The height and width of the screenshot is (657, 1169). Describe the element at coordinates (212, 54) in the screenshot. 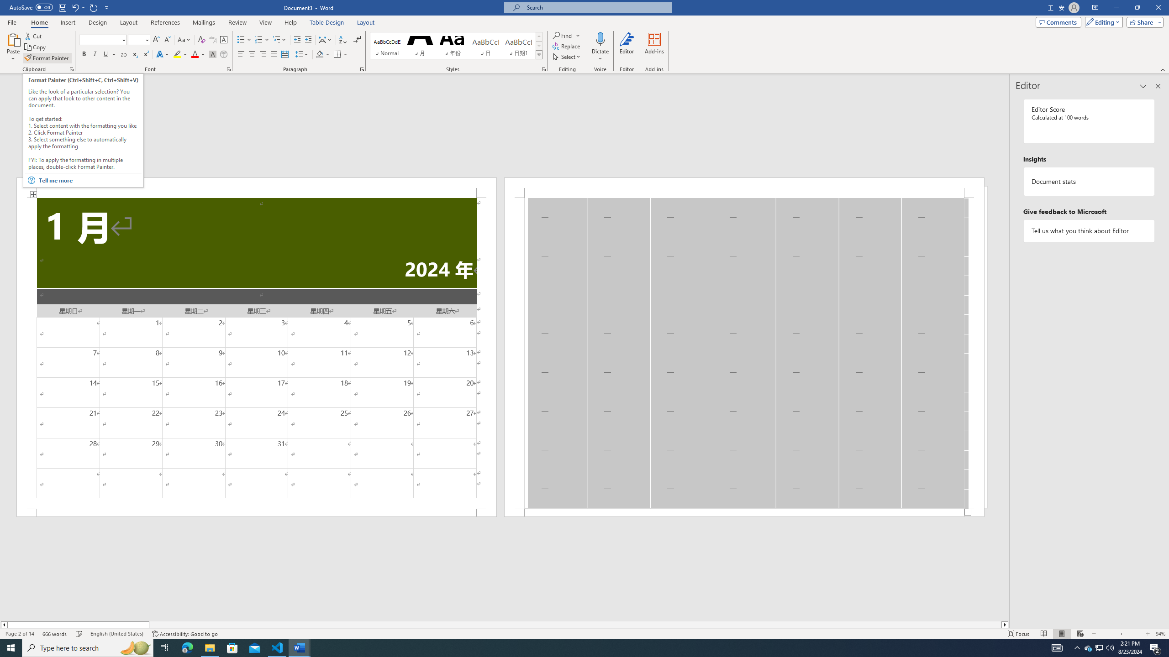

I see `'Character Shading'` at that location.